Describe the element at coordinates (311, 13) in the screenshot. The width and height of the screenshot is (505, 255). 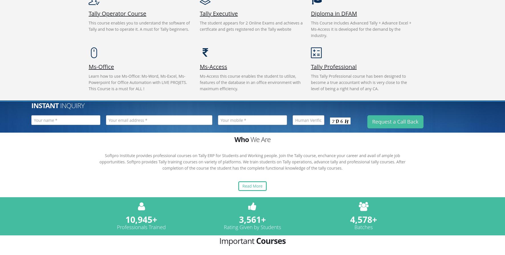
I see `'Diploma in DFAM'` at that location.